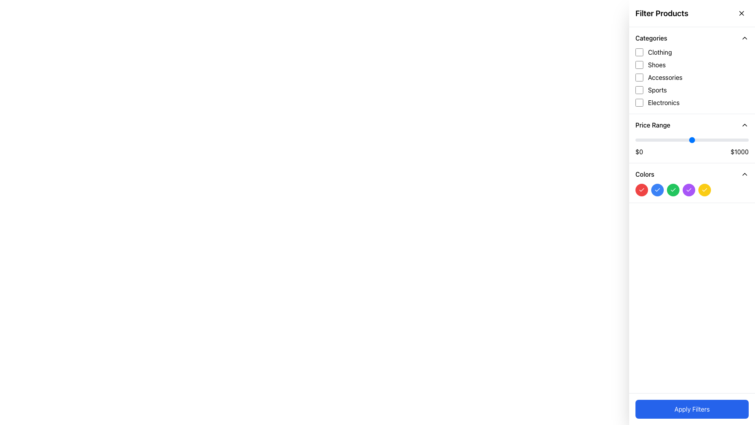 The width and height of the screenshot is (755, 425). What do you see at coordinates (692, 38) in the screenshot?
I see `the 'Categories' collapsible header toggle in the filter sidebar for accessibility navigation` at bounding box center [692, 38].